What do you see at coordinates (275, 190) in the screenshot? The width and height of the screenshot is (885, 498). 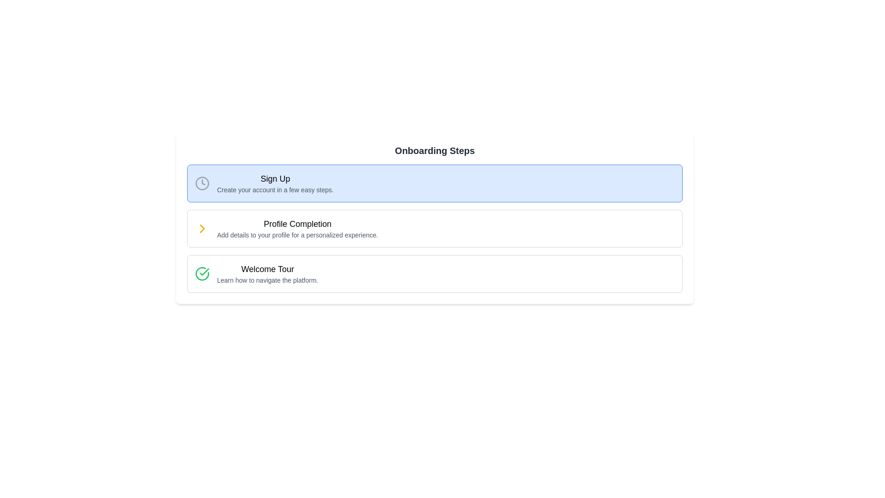 I see `the descriptive text label located directly under the 'Sign Up' heading in the first onboarding step` at bounding box center [275, 190].